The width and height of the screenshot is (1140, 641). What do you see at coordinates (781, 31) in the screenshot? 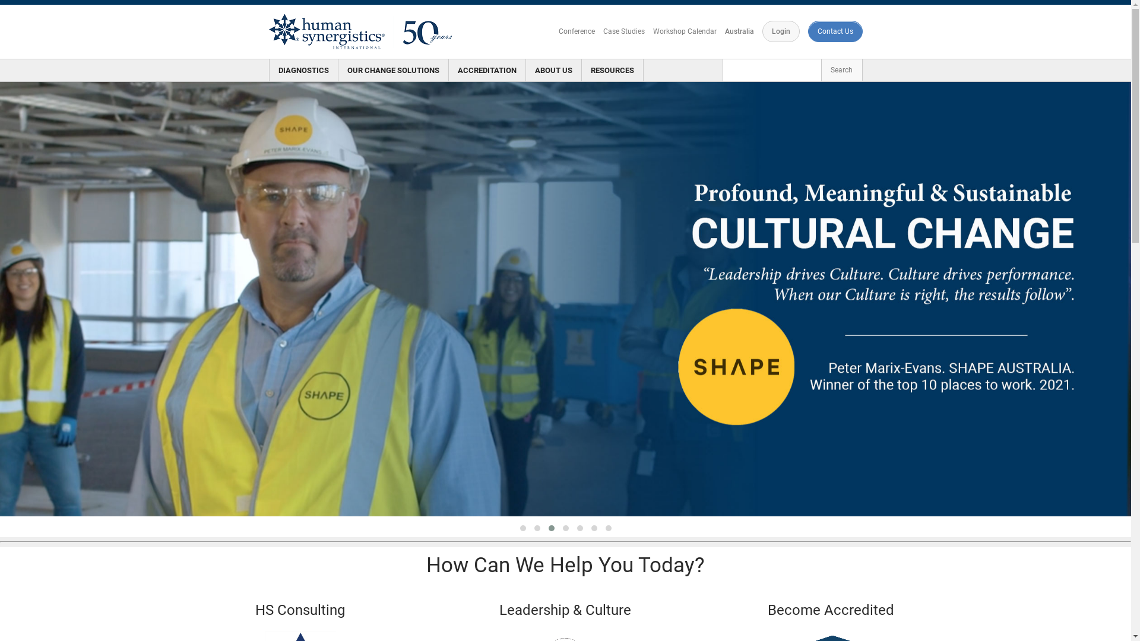
I see `'Login'` at bounding box center [781, 31].